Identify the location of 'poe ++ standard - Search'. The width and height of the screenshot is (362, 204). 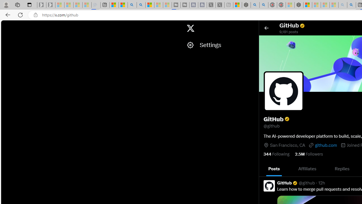
(264, 5).